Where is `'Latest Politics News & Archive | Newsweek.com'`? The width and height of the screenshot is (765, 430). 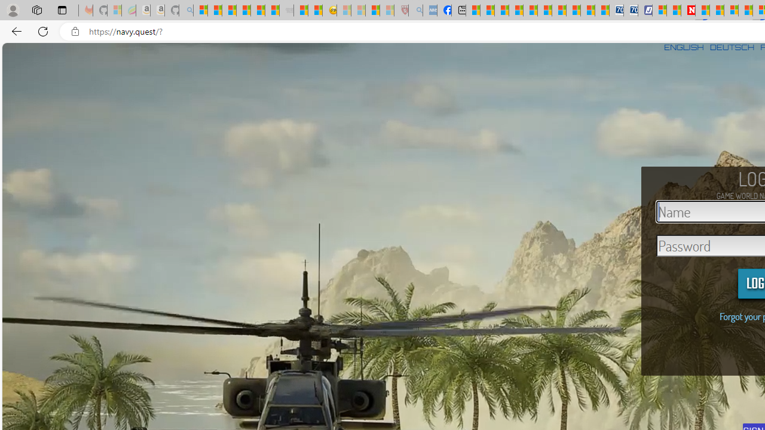
'Latest Politics News & Archive | Newsweek.com' is located at coordinates (688, 10).